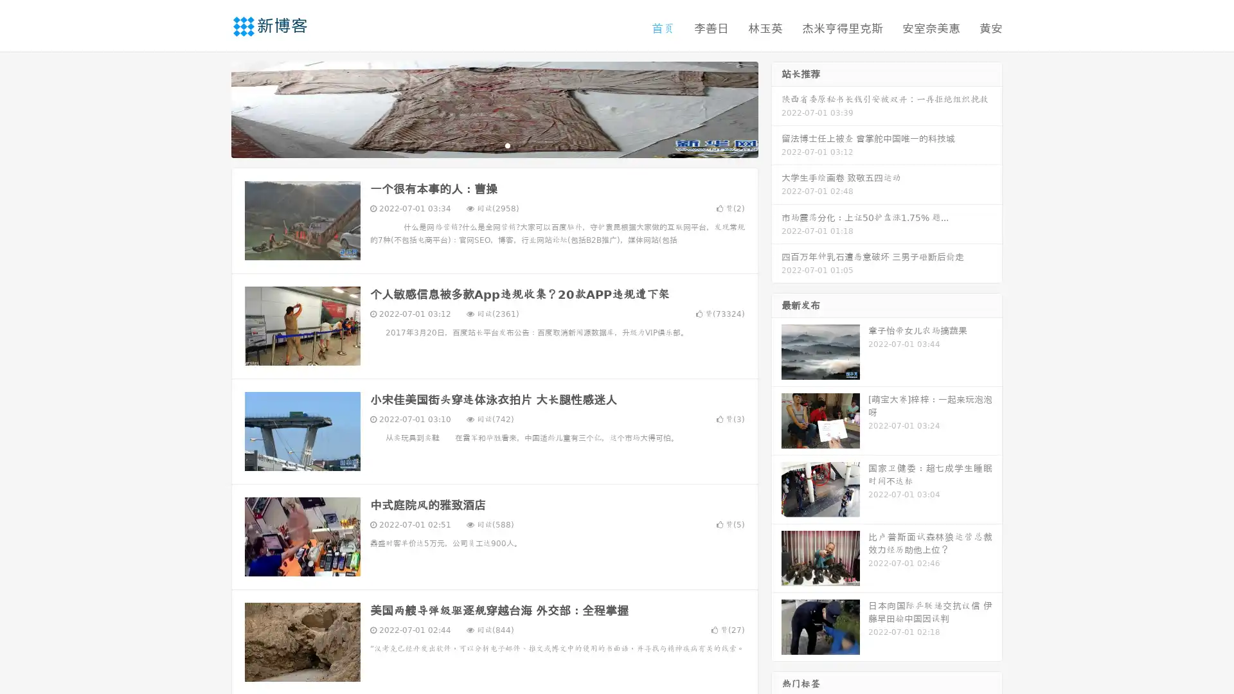 Image resolution: width=1234 pixels, height=694 pixels. I want to click on Go to slide 3, so click(507, 145).